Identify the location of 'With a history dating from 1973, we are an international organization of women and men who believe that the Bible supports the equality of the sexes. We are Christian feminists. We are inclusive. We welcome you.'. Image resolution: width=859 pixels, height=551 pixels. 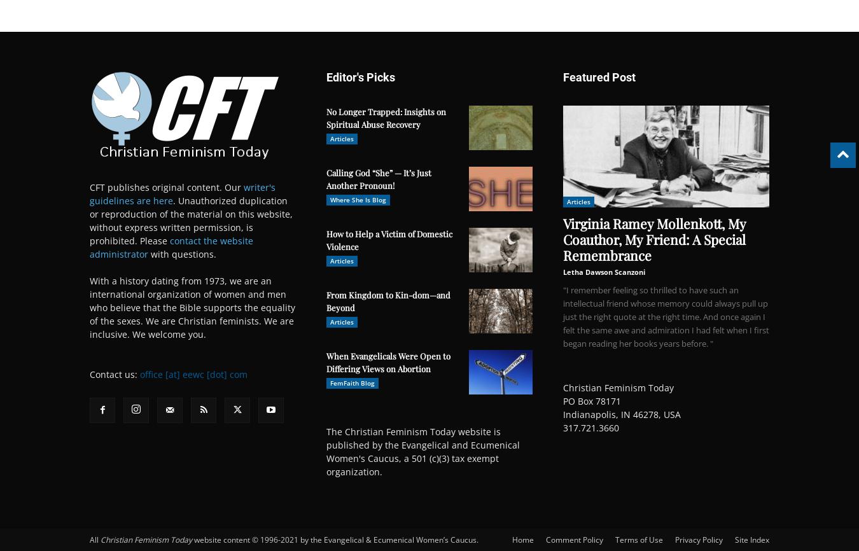
(192, 307).